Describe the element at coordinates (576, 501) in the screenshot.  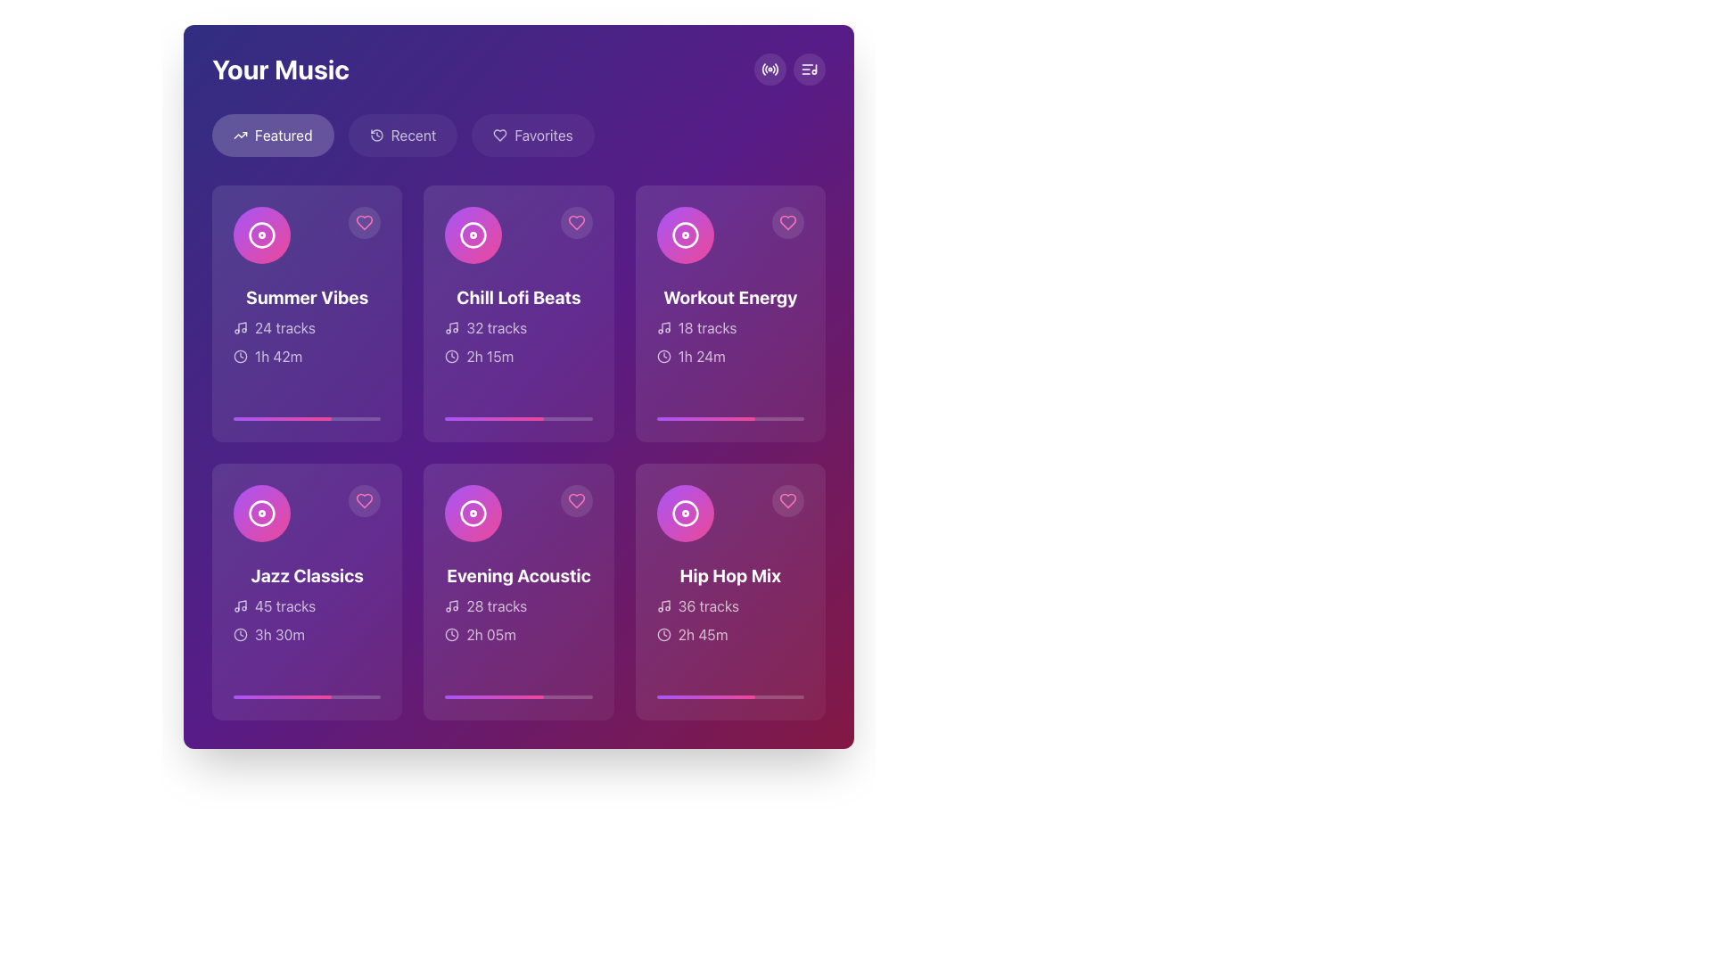
I see `the button in the top-right corner of the 'Evening Acoustic' card` at that location.